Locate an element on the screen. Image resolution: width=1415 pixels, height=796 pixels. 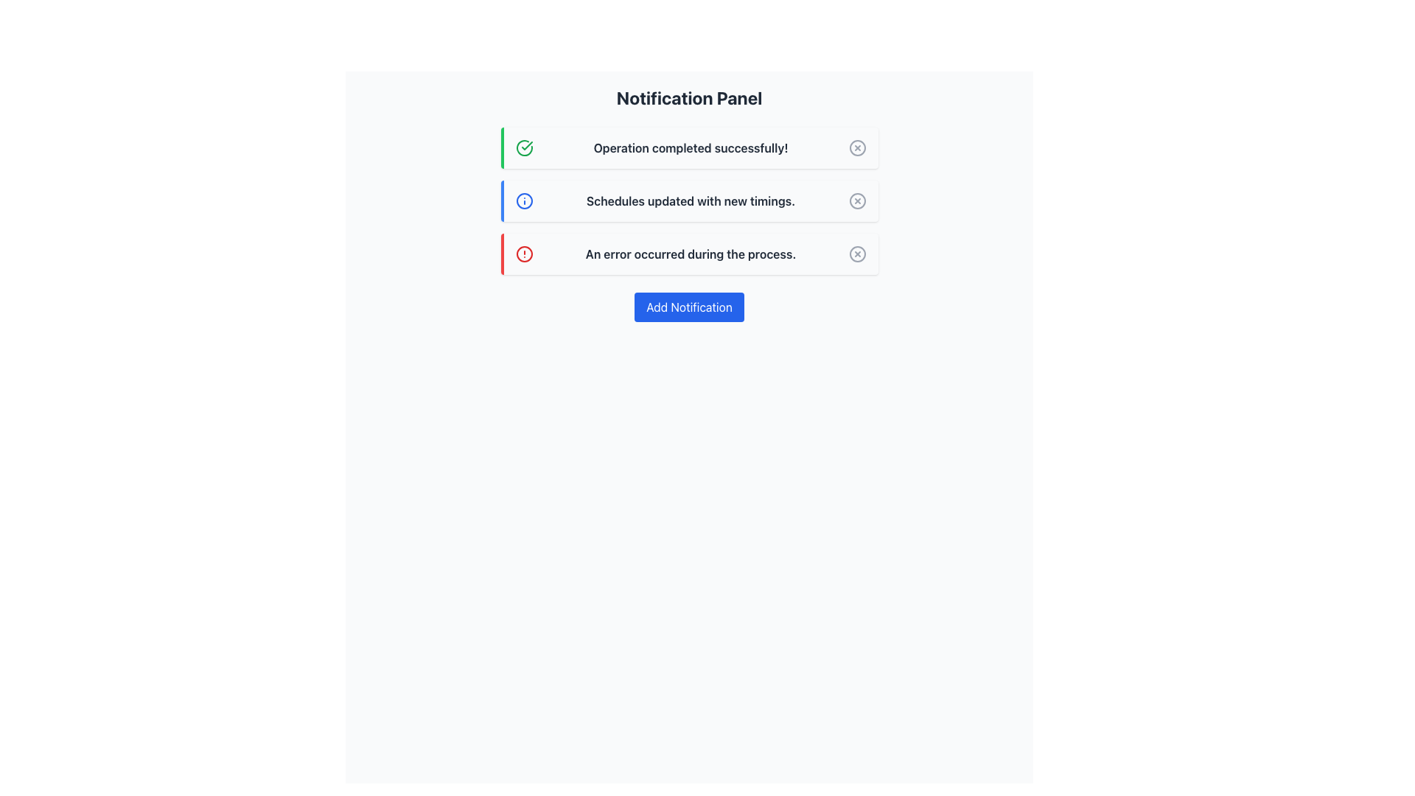
the notification message with a green left border indicating 'Operation completed successfully!' is located at coordinates (688, 147).